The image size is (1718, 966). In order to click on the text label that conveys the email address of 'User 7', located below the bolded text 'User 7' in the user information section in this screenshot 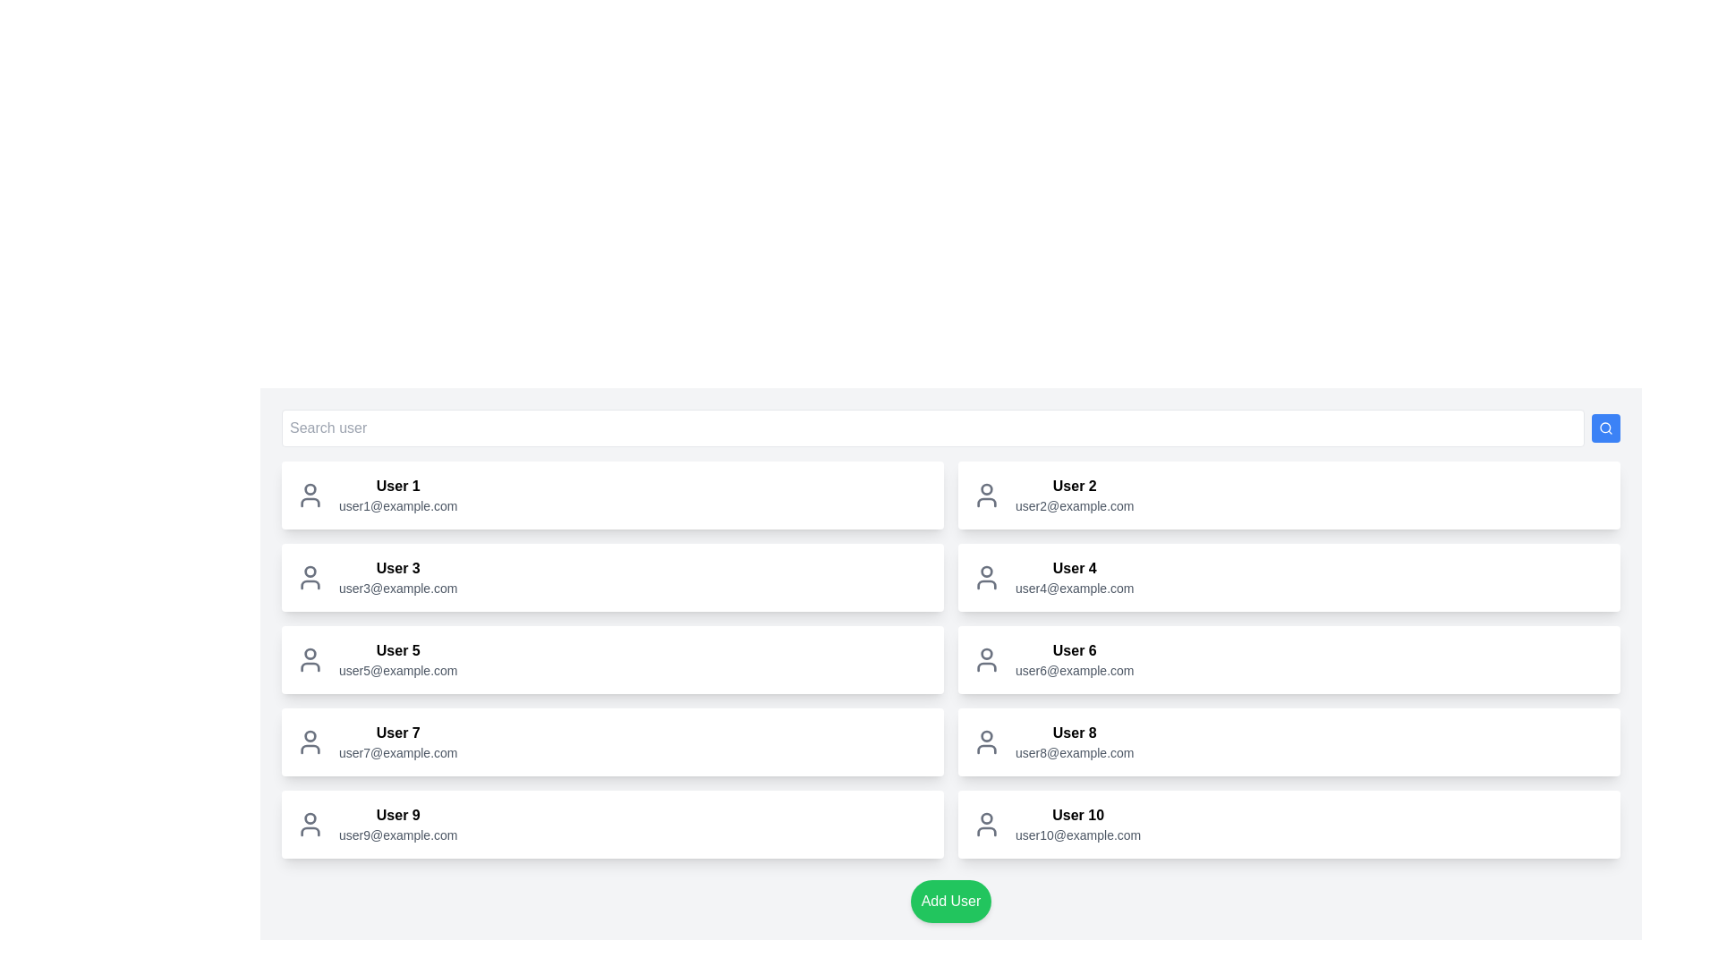, I will do `click(397, 752)`.